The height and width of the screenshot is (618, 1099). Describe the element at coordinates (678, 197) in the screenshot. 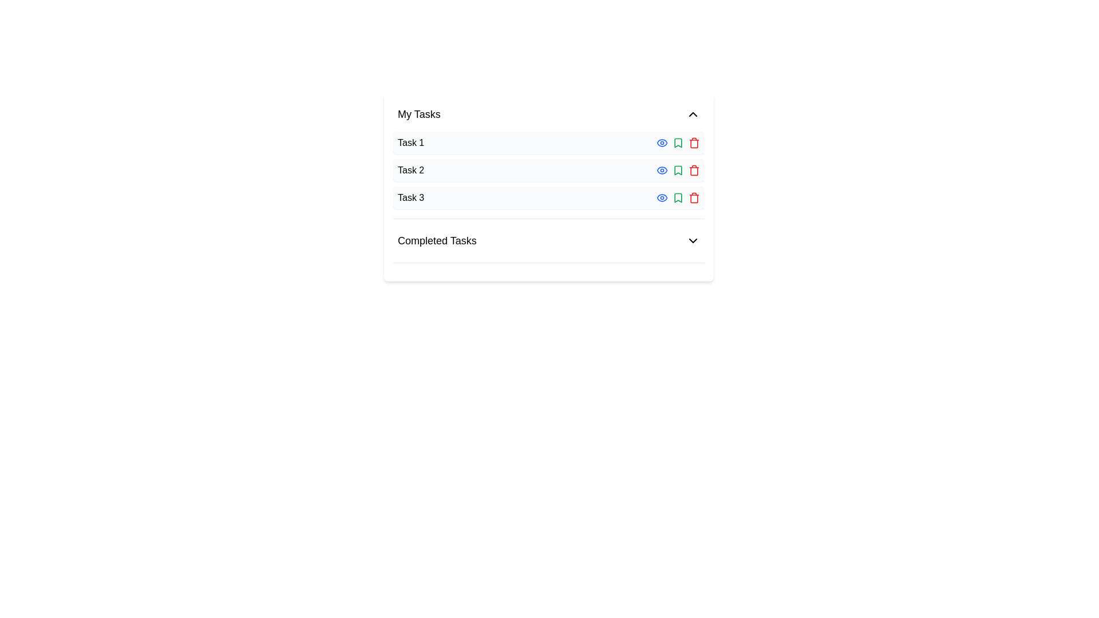

I see `the bookmark-shaped icon for 'Task 1' in the task management section` at that location.